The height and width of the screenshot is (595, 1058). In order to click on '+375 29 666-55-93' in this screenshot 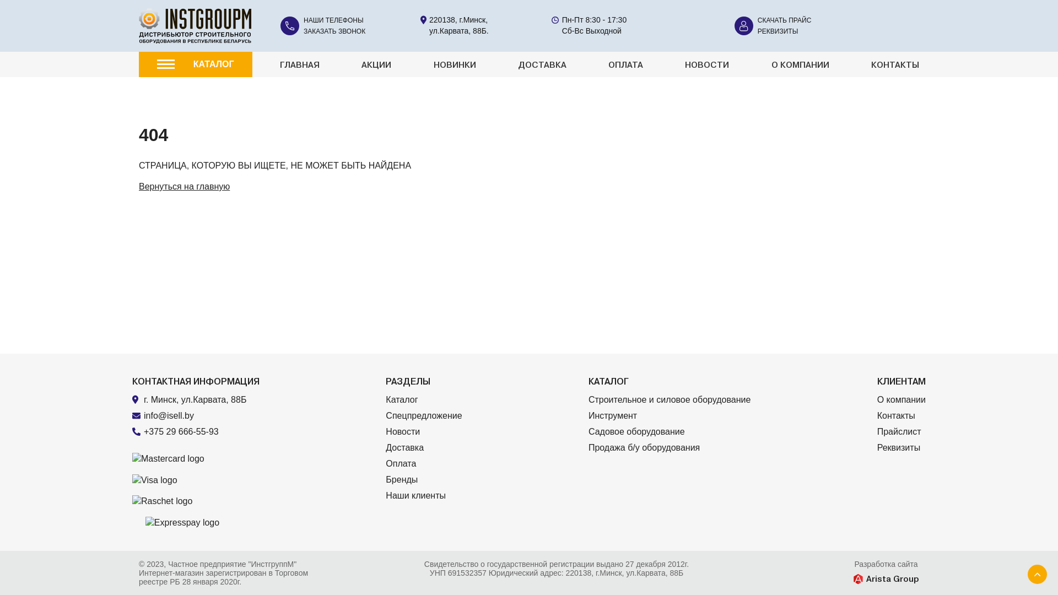, I will do `click(181, 431)`.